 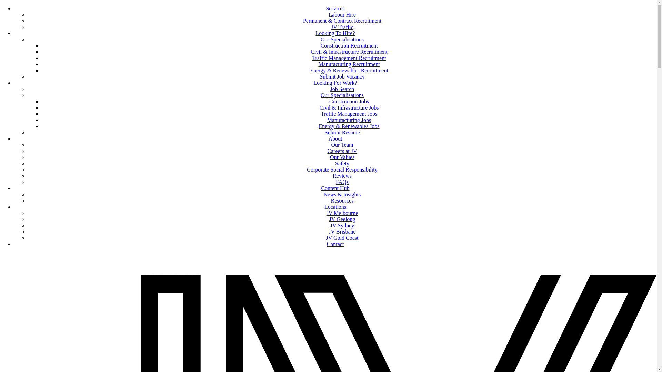 I want to click on 'Permanent & Contract Recruitment', so click(x=342, y=20).